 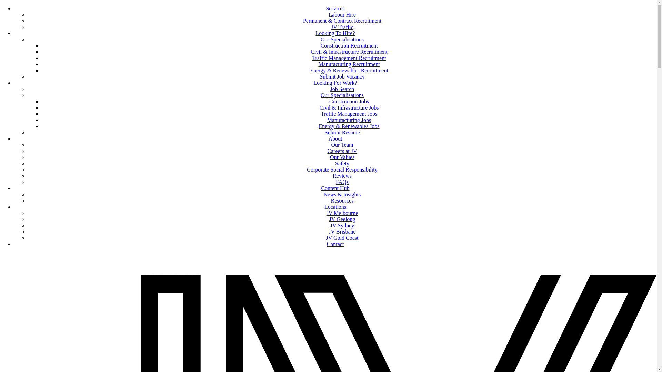 I want to click on 'Permanent & Contract Recruitment', so click(x=342, y=20).